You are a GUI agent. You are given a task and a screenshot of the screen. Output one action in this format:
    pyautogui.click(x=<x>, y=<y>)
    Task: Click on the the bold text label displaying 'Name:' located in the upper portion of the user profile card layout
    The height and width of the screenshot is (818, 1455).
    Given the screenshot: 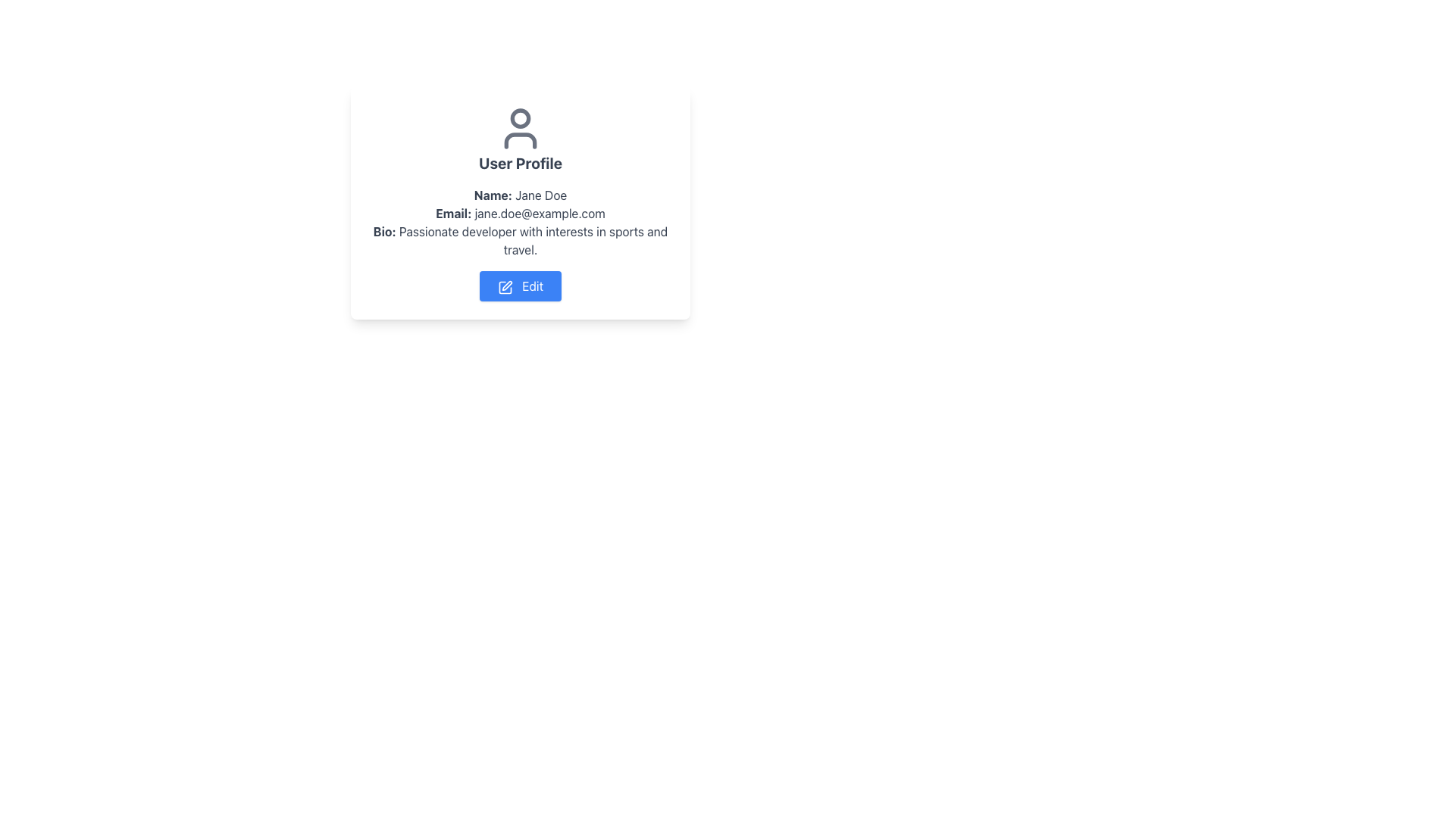 What is the action you would take?
    pyautogui.click(x=493, y=195)
    